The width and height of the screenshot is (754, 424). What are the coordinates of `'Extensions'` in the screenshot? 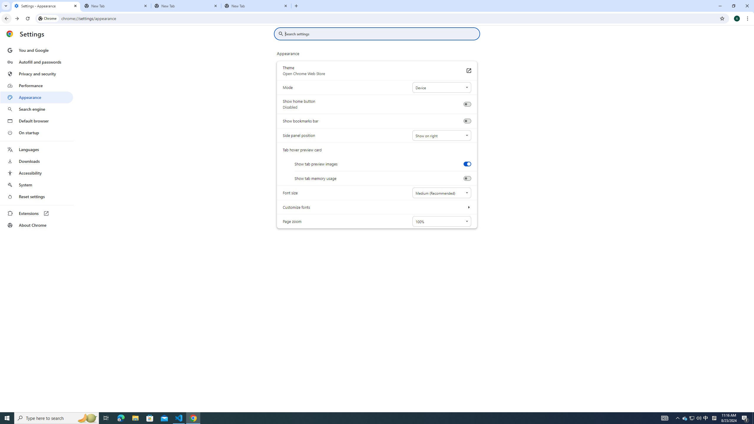 It's located at (36, 213).